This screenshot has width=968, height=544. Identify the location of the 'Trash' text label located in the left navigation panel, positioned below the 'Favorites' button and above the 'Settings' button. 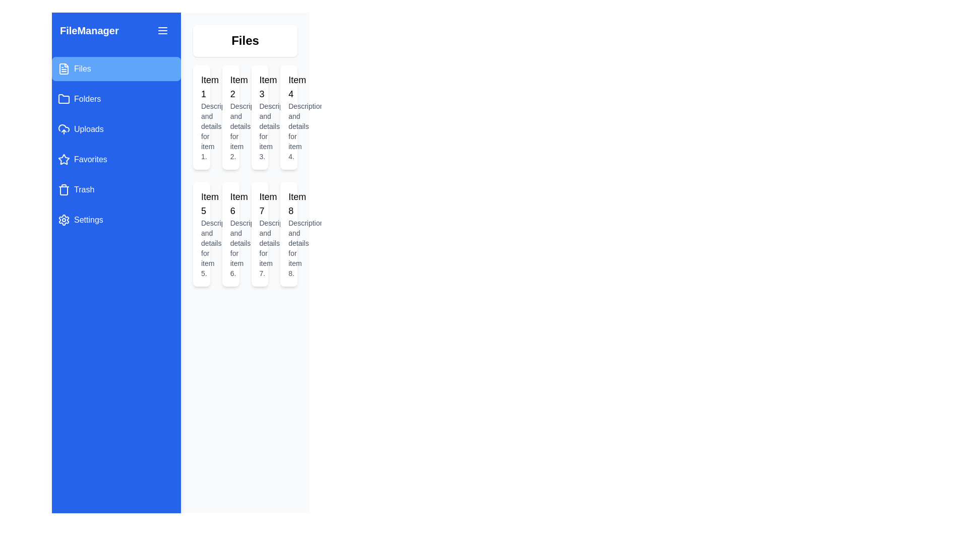
(84, 190).